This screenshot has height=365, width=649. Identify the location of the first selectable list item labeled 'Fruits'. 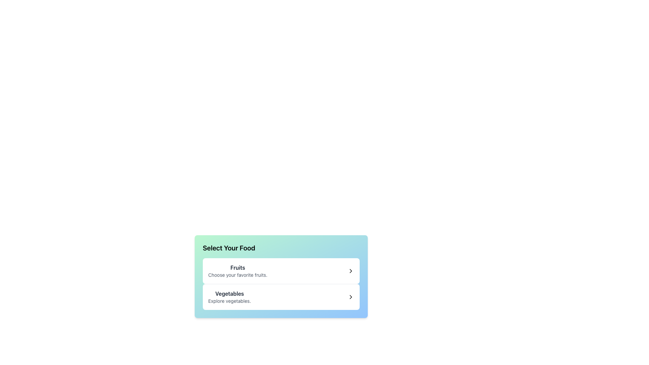
(281, 271).